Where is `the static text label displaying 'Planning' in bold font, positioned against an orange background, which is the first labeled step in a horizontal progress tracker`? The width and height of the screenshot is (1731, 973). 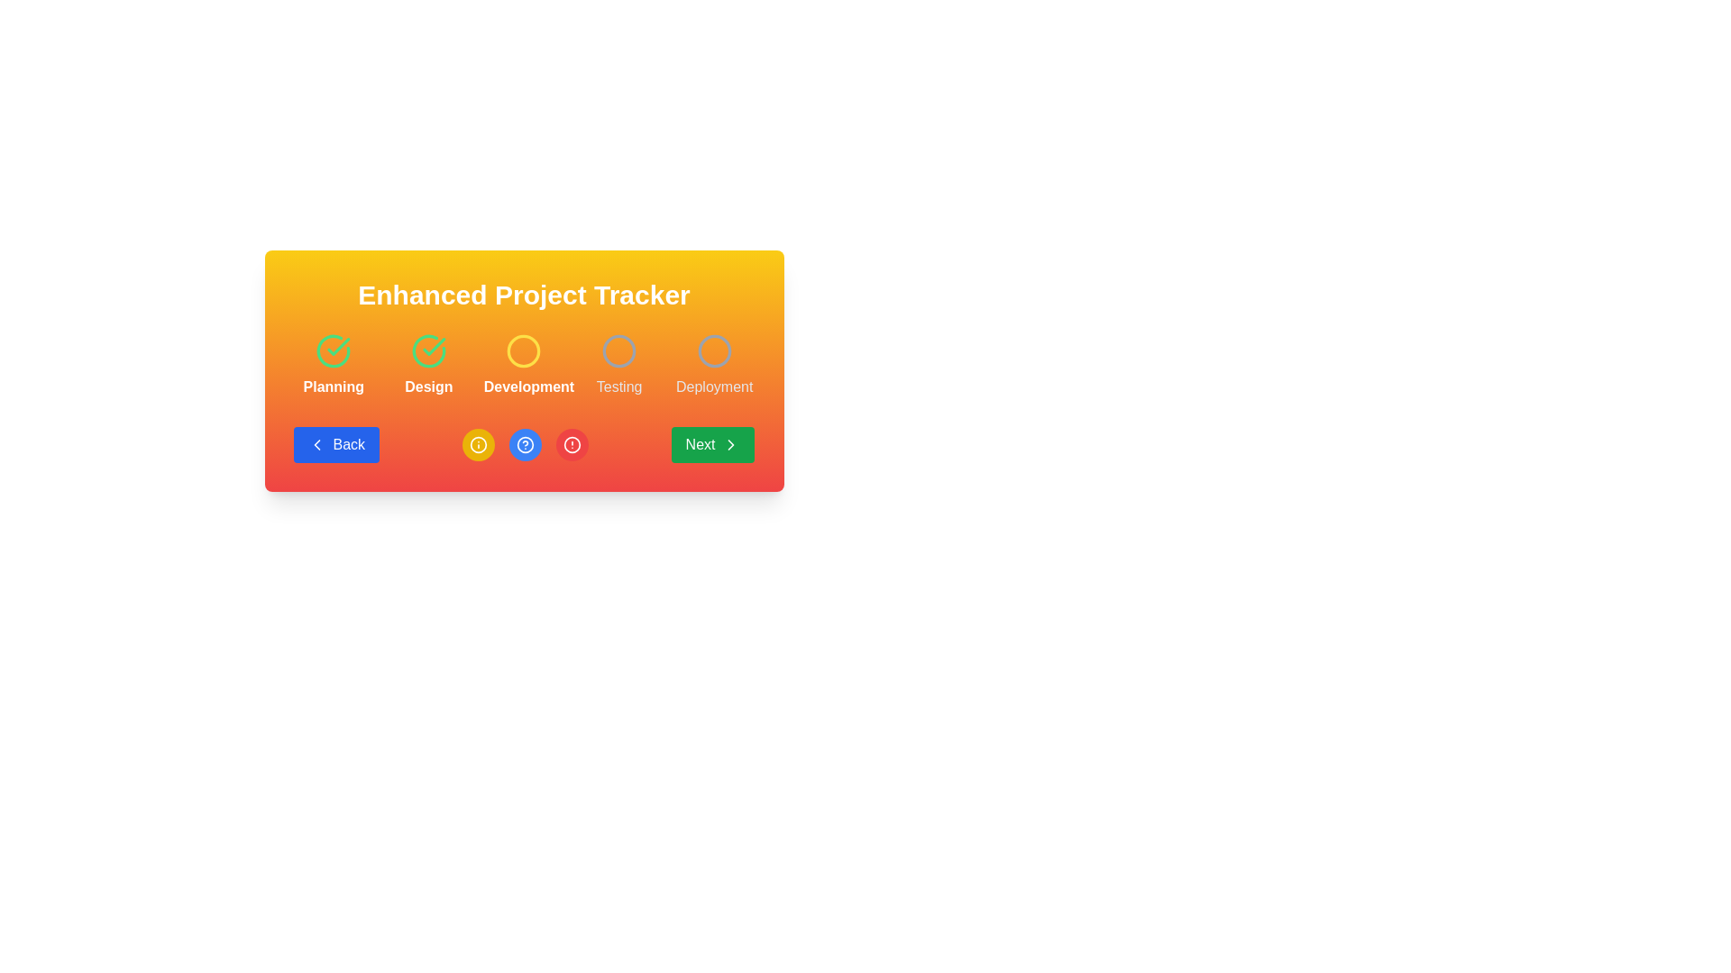 the static text label displaying 'Planning' in bold font, positioned against an orange background, which is the first labeled step in a horizontal progress tracker is located at coordinates (334, 386).